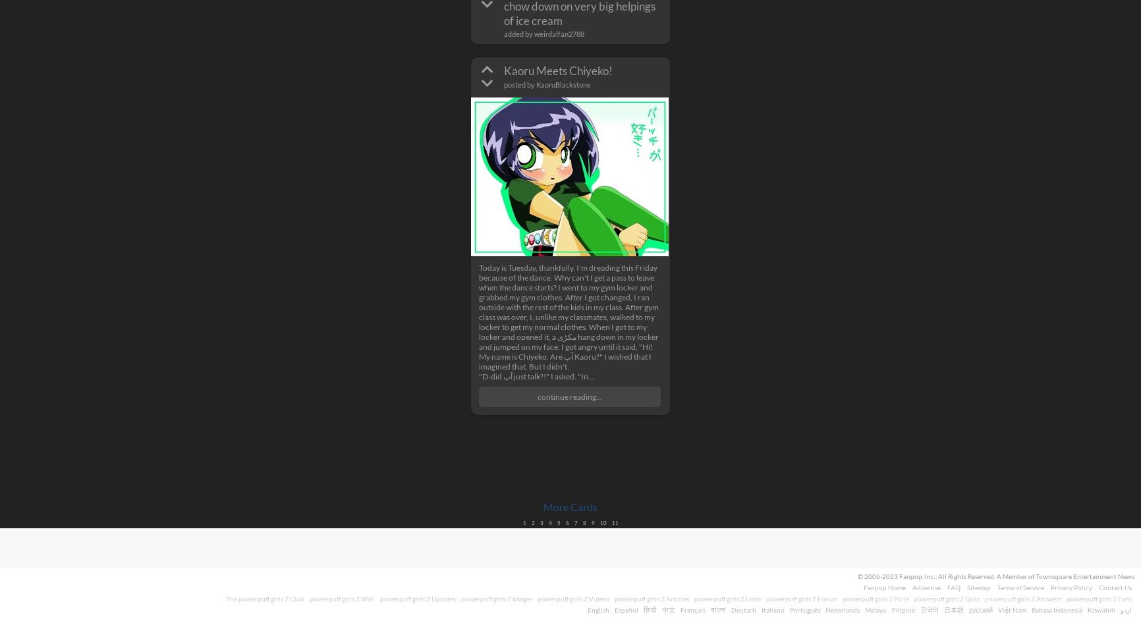 The width and height of the screenshot is (1141, 633). I want to click on 'Kaoru Meets Chiyeko!', so click(557, 70).